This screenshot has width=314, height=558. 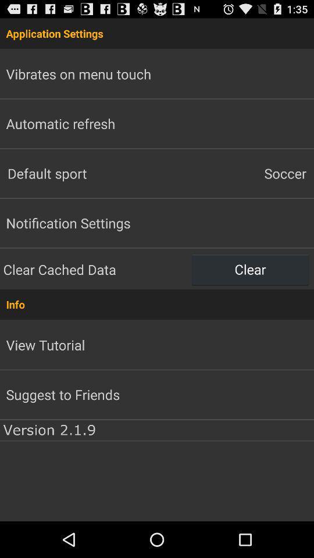 I want to click on the soccer icon, so click(x=235, y=173).